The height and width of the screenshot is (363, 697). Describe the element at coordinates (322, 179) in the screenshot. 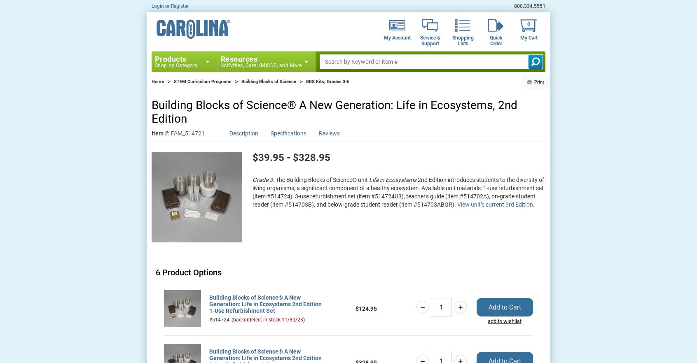

I see `'The Building Blocks of Science® unit'` at that location.